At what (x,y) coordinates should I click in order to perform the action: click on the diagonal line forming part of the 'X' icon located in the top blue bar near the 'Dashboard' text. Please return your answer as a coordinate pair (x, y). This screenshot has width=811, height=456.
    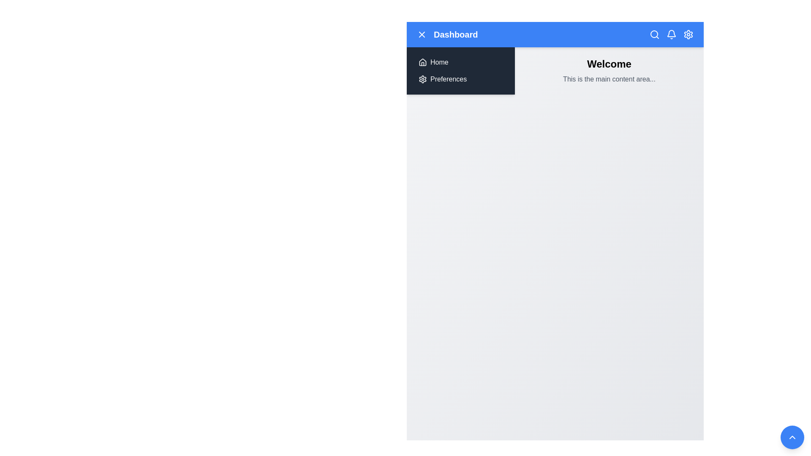
    Looking at the image, I should click on (422, 34).